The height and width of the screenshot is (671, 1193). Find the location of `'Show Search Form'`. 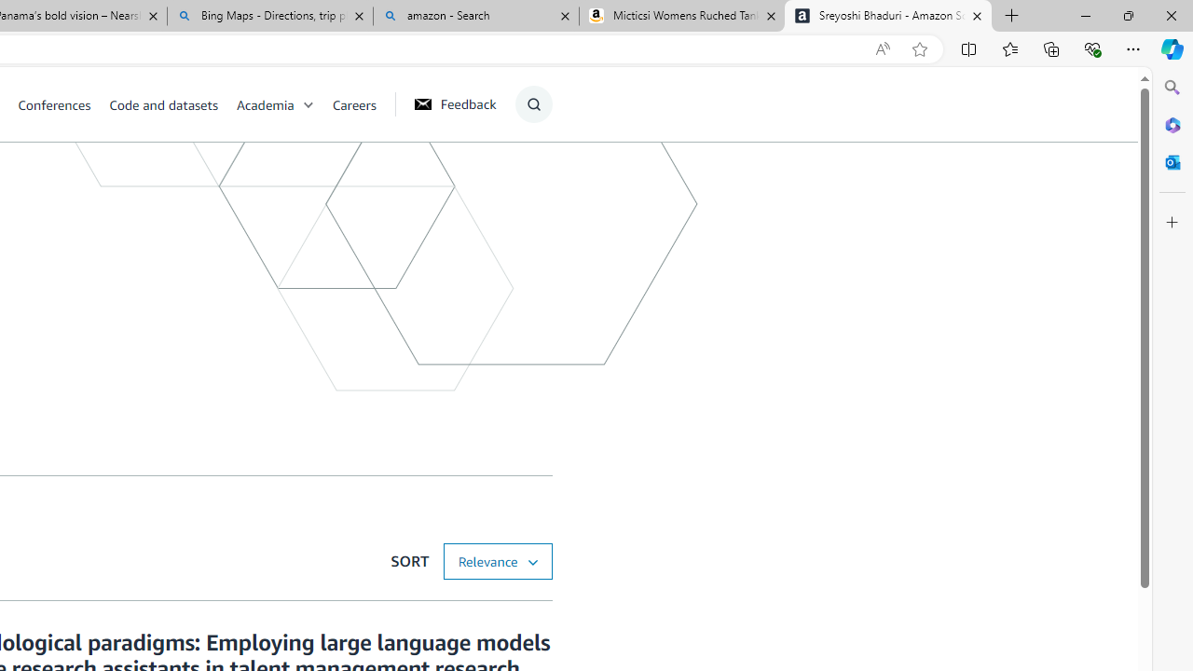

'Show Search Form' is located at coordinates (532, 103).